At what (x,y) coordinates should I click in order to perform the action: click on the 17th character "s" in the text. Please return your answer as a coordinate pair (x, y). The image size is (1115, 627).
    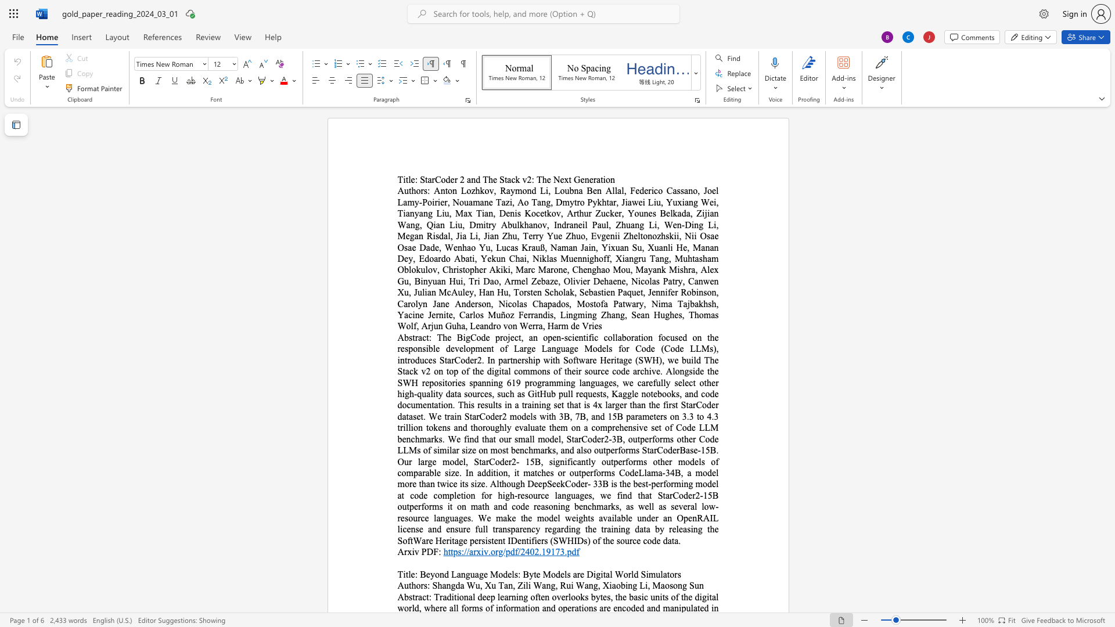
    Looking at the image, I should click on (466, 393).